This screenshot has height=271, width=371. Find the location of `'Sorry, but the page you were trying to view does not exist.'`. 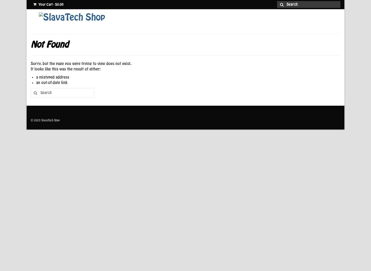

'Sorry, but the page you were trying to view does not exist.' is located at coordinates (30, 63).